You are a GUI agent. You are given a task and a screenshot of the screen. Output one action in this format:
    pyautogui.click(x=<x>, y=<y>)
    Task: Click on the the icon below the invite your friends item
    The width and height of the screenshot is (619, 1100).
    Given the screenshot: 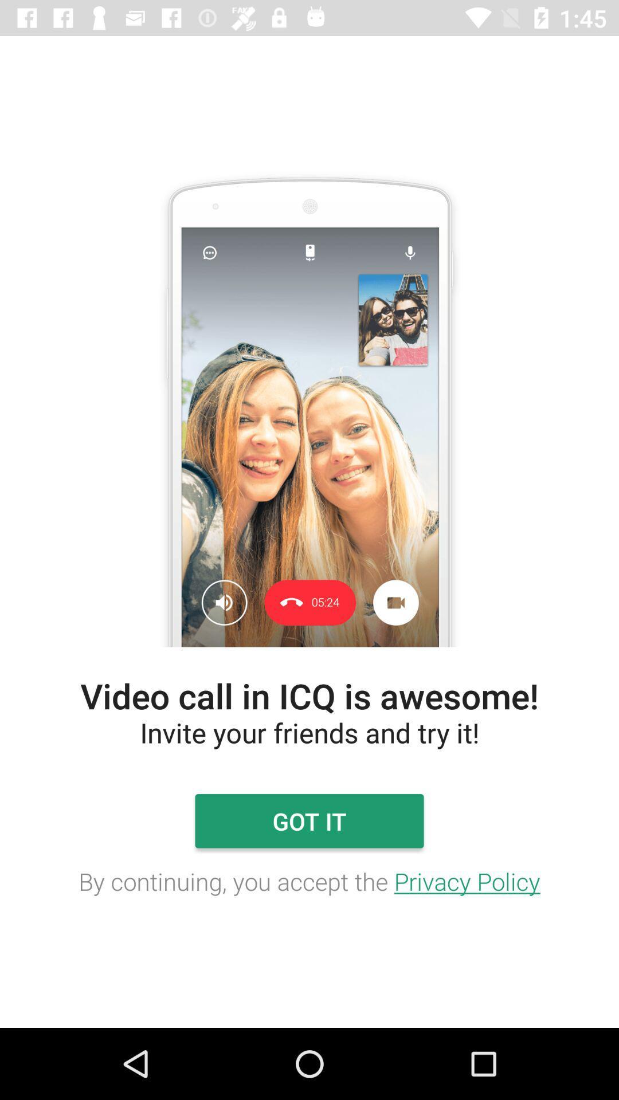 What is the action you would take?
    pyautogui.click(x=309, y=820)
    